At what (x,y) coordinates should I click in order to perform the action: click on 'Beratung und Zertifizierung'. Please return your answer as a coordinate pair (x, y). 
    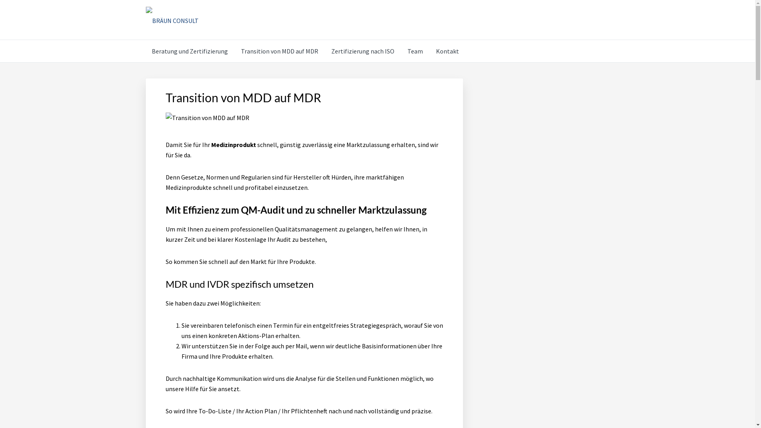
    Looking at the image, I should click on (189, 51).